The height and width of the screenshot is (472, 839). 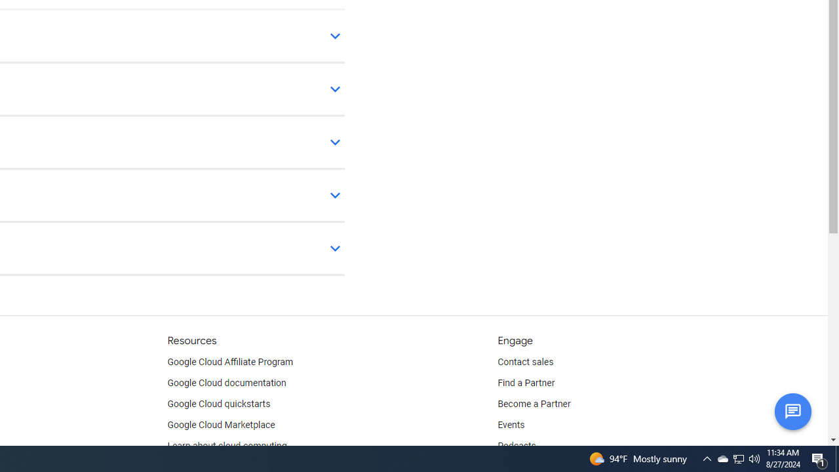 I want to click on 'Become a Partner', so click(x=534, y=404).